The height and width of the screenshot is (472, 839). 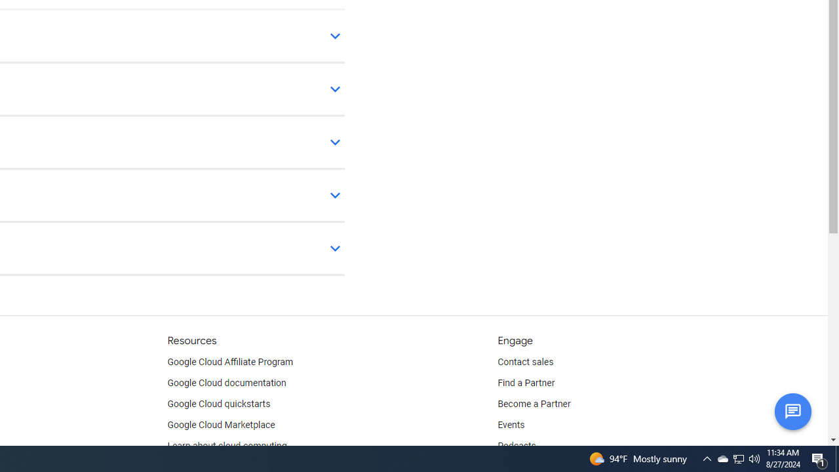 I want to click on 'Become a Partner', so click(x=534, y=404).